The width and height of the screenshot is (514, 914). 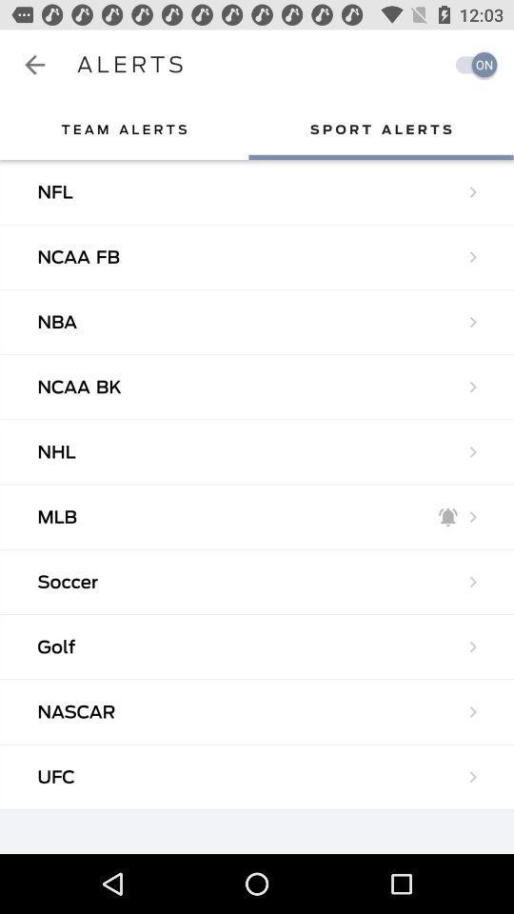 What do you see at coordinates (470, 65) in the screenshot?
I see `turn on-off button` at bounding box center [470, 65].